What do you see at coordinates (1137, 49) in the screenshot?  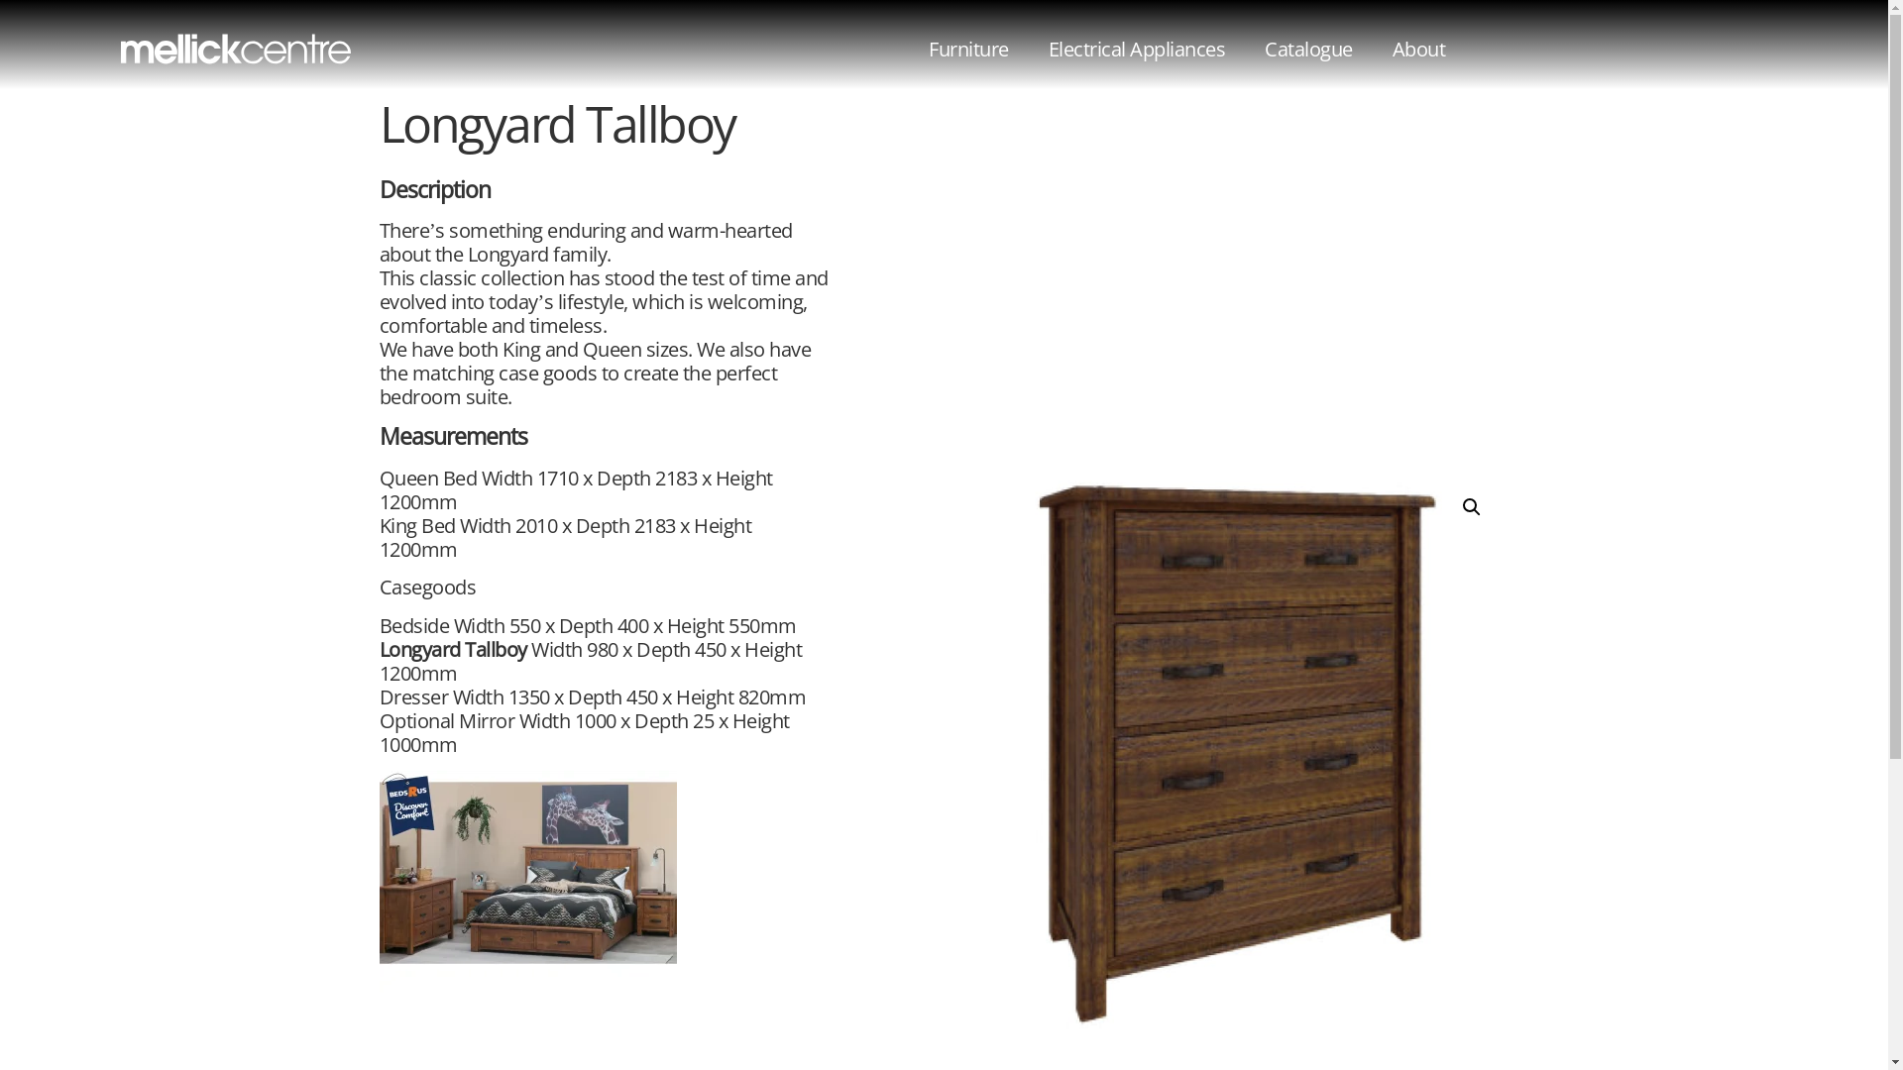 I see `'Electrical Appliances'` at bounding box center [1137, 49].